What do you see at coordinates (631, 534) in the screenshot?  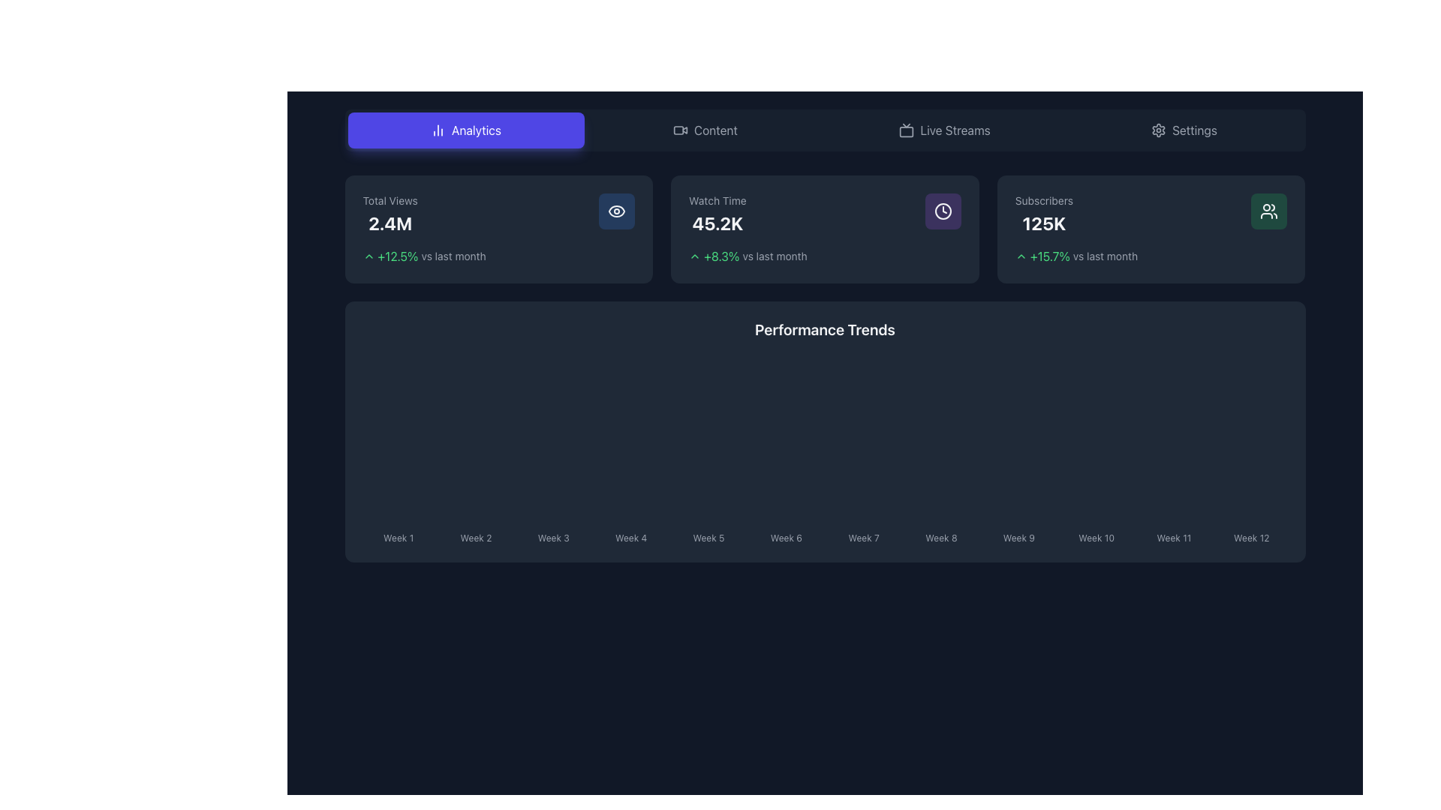 I see `label of the Text element representing 'Week 4' in the Performance Trends section, located horizontally between 'Week 3' and 'Week 5'` at bounding box center [631, 534].